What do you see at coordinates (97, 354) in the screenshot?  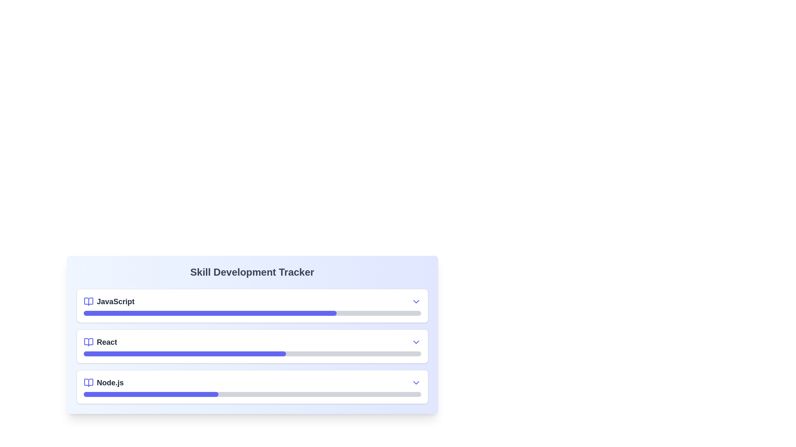 I see `the progress of the bar` at bounding box center [97, 354].